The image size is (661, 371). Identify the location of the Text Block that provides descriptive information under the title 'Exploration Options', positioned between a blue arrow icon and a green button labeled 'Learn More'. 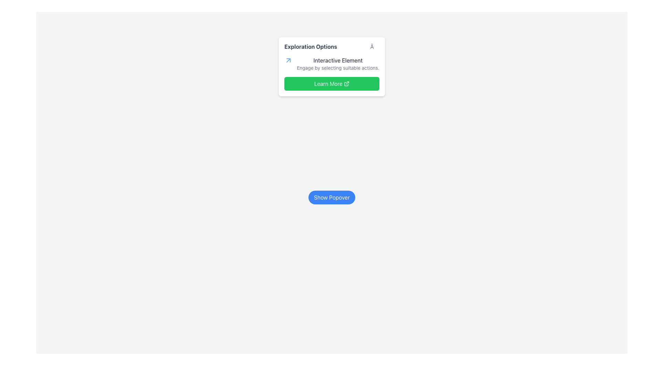
(338, 64).